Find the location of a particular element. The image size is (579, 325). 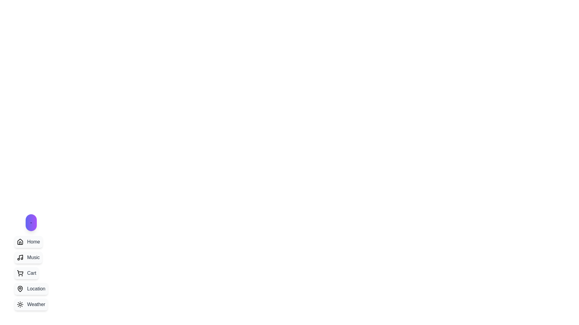

the button labeled 'Location' which has an icon resembling a map pin and is the fourth item in a vertical list is located at coordinates (31, 289).